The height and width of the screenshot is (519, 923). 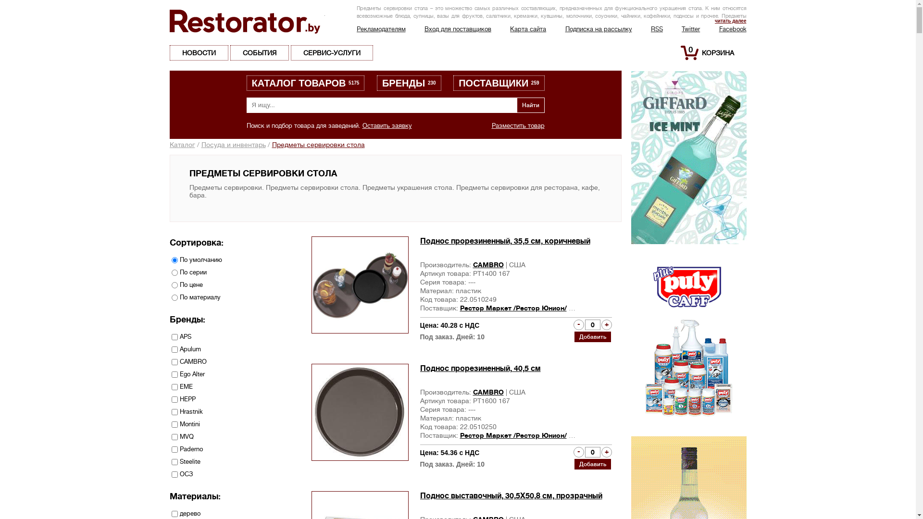 What do you see at coordinates (690, 29) in the screenshot?
I see `'Twitter'` at bounding box center [690, 29].